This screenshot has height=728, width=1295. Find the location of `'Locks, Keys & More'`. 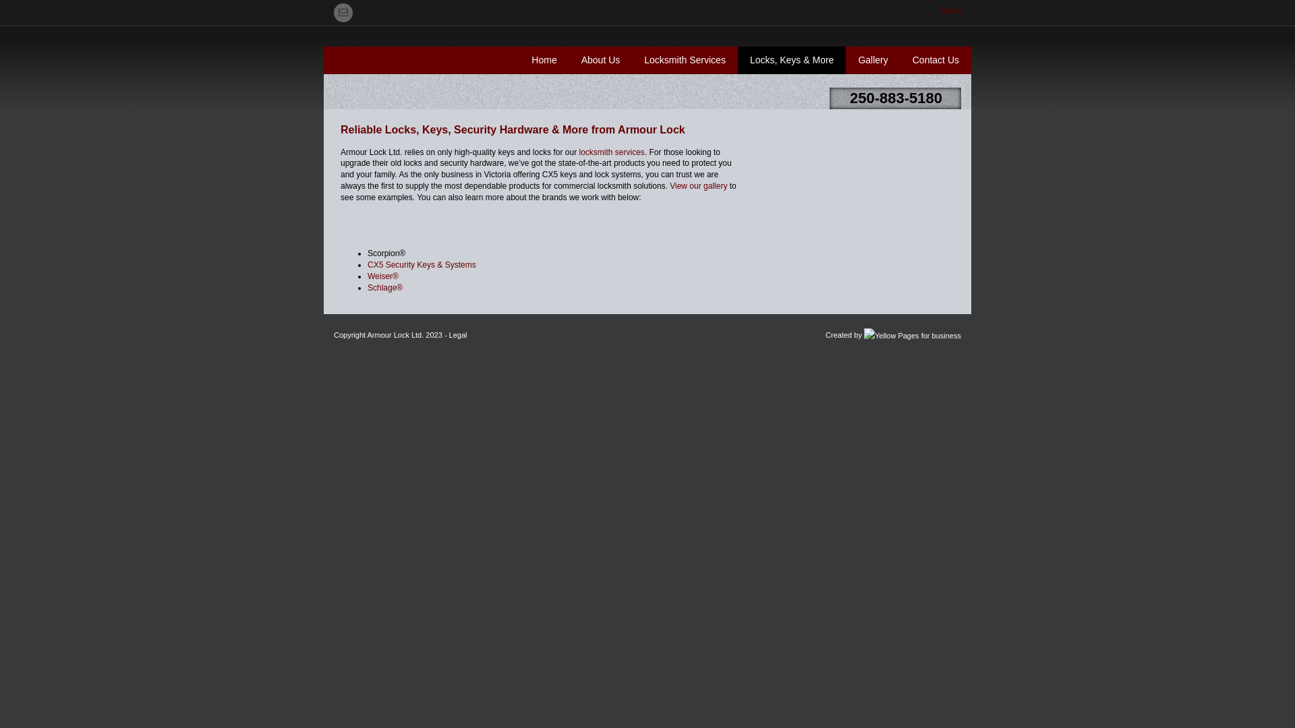

'Locks, Keys & More' is located at coordinates (792, 59).